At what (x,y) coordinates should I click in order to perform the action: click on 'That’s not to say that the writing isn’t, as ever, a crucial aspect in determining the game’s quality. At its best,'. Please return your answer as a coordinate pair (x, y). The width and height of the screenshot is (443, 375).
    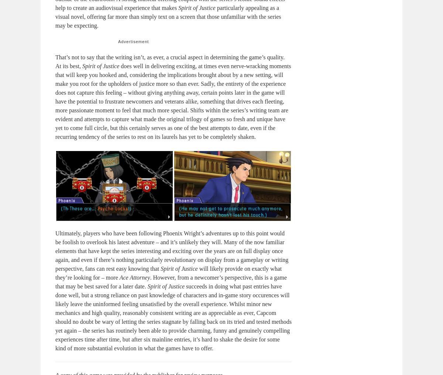
    Looking at the image, I should click on (169, 62).